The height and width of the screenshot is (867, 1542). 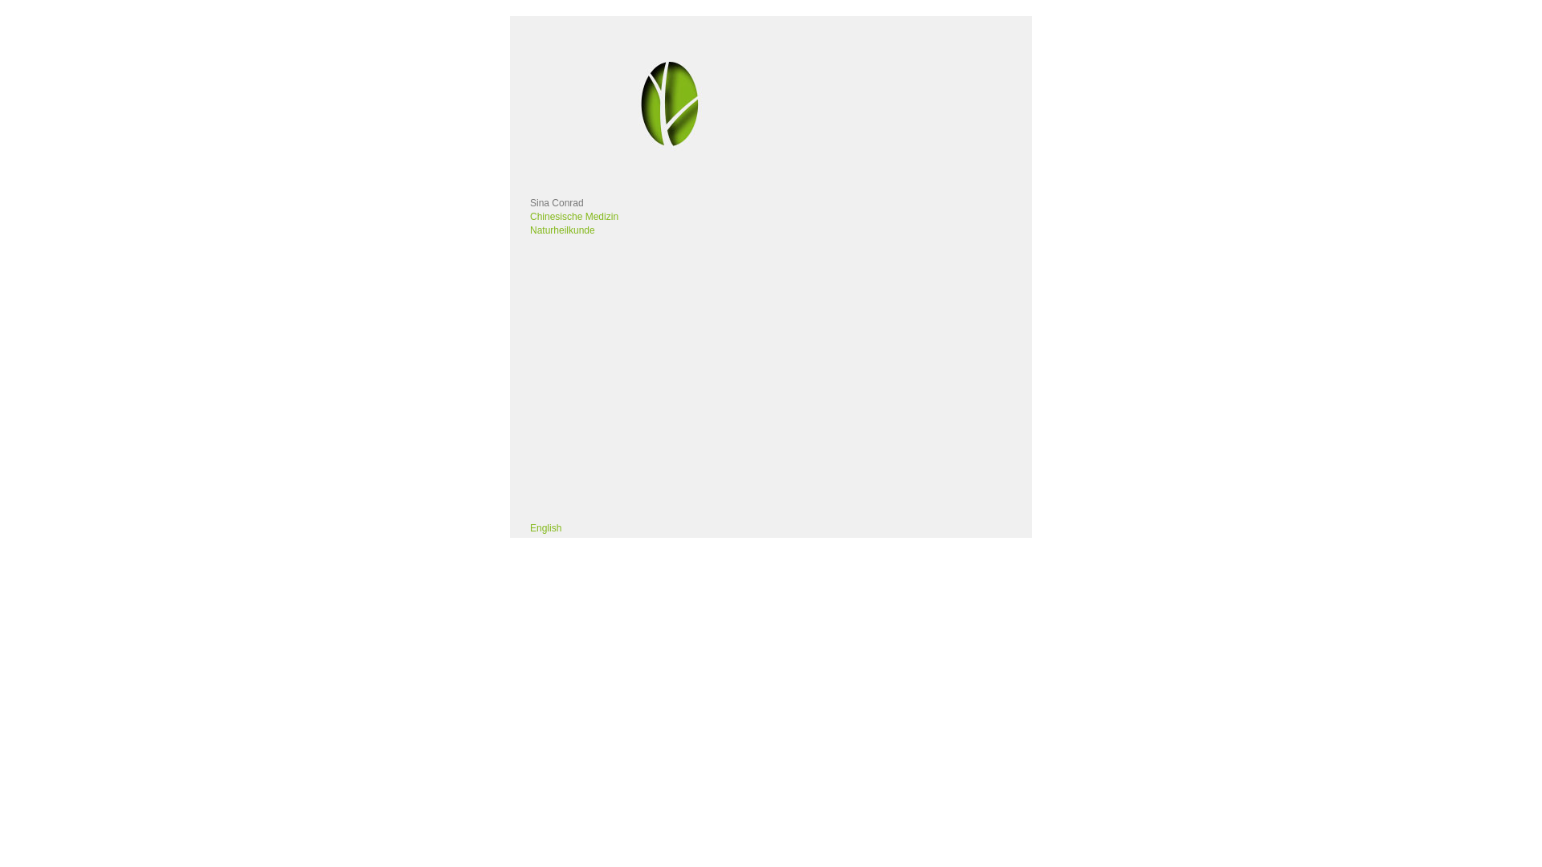 I want to click on 'English', so click(x=545, y=528).